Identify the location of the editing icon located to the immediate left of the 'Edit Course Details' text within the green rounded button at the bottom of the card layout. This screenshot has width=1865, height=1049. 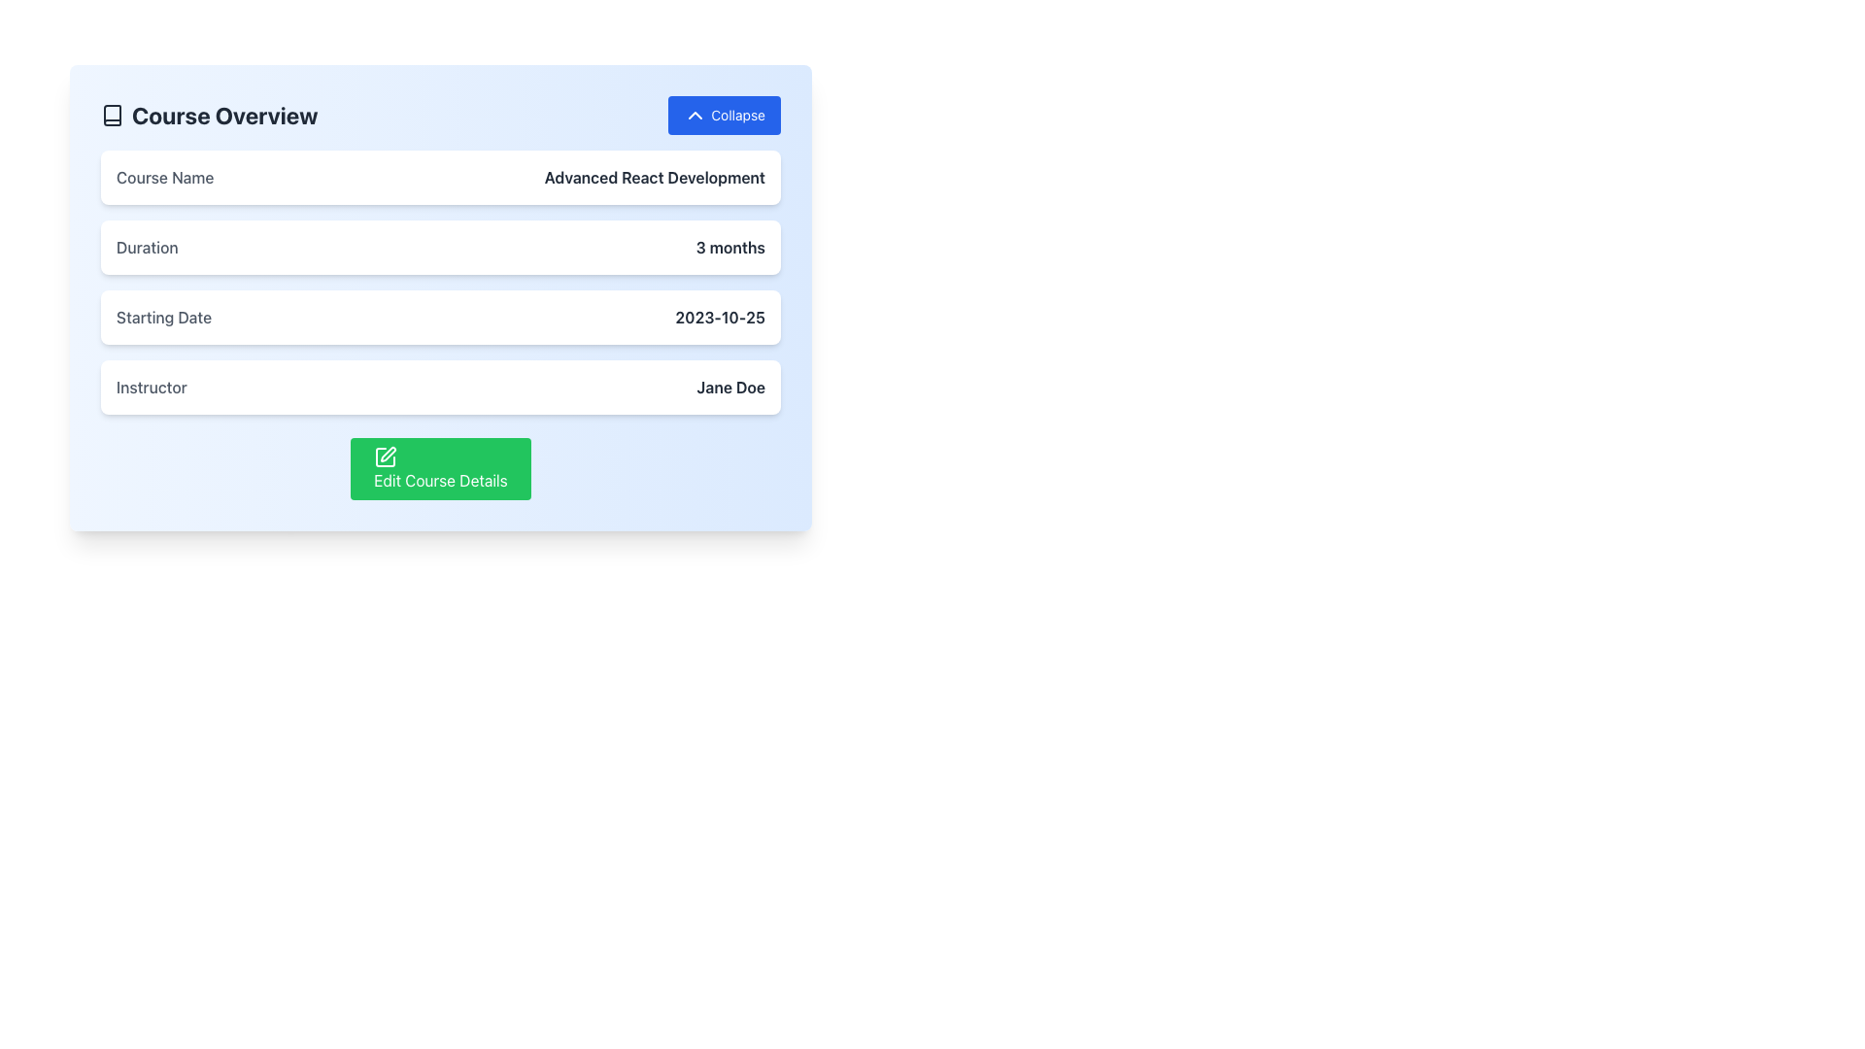
(386, 457).